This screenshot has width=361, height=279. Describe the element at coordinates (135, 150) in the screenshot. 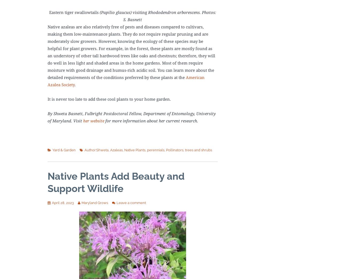

I see `'Native Plants'` at that location.